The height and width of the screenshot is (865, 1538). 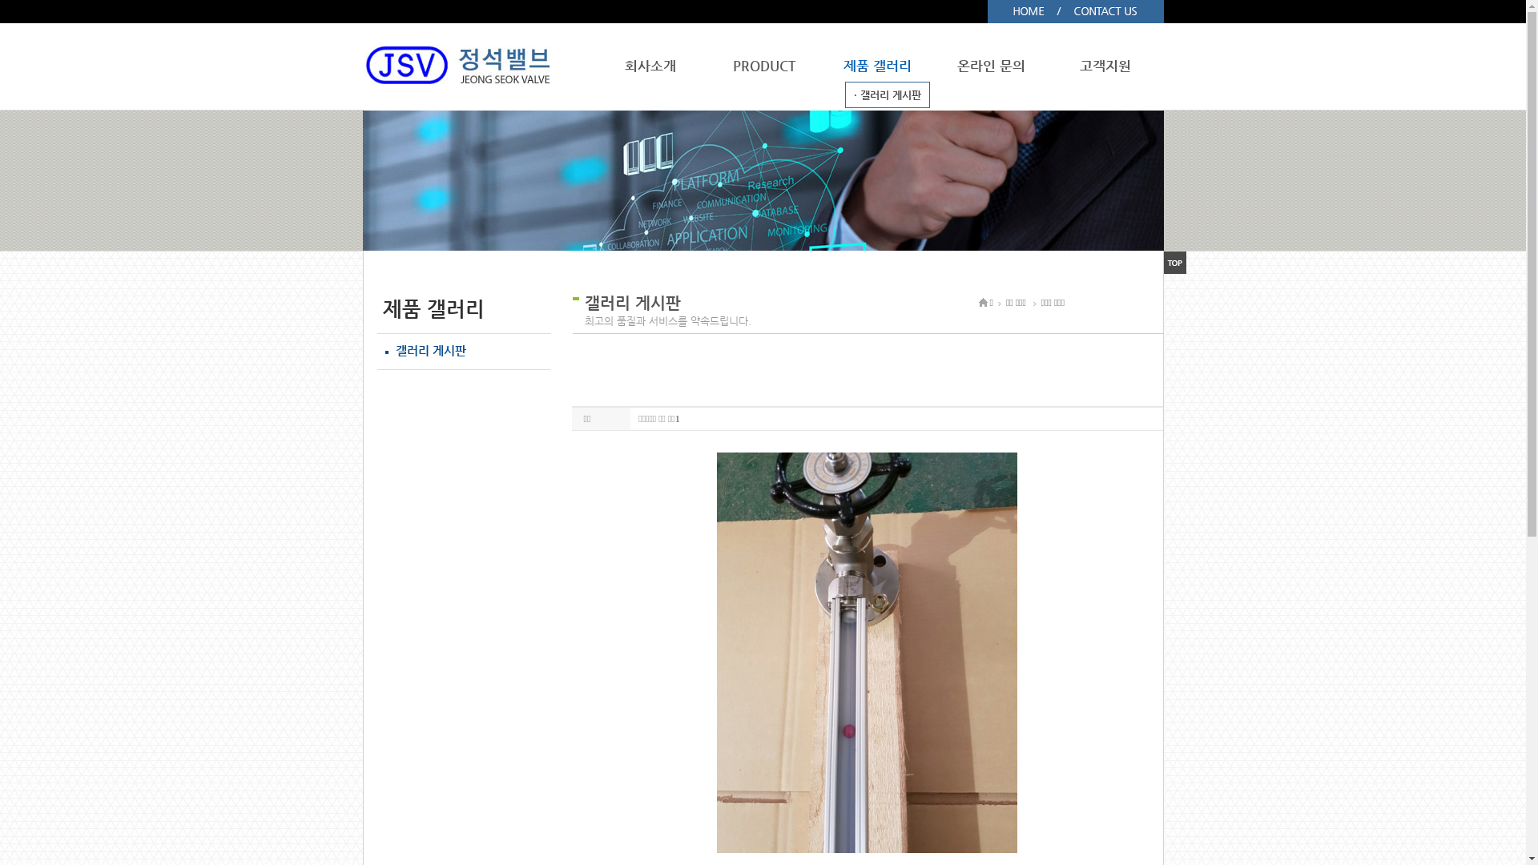 I want to click on 'PRODUCT', so click(x=763, y=65).